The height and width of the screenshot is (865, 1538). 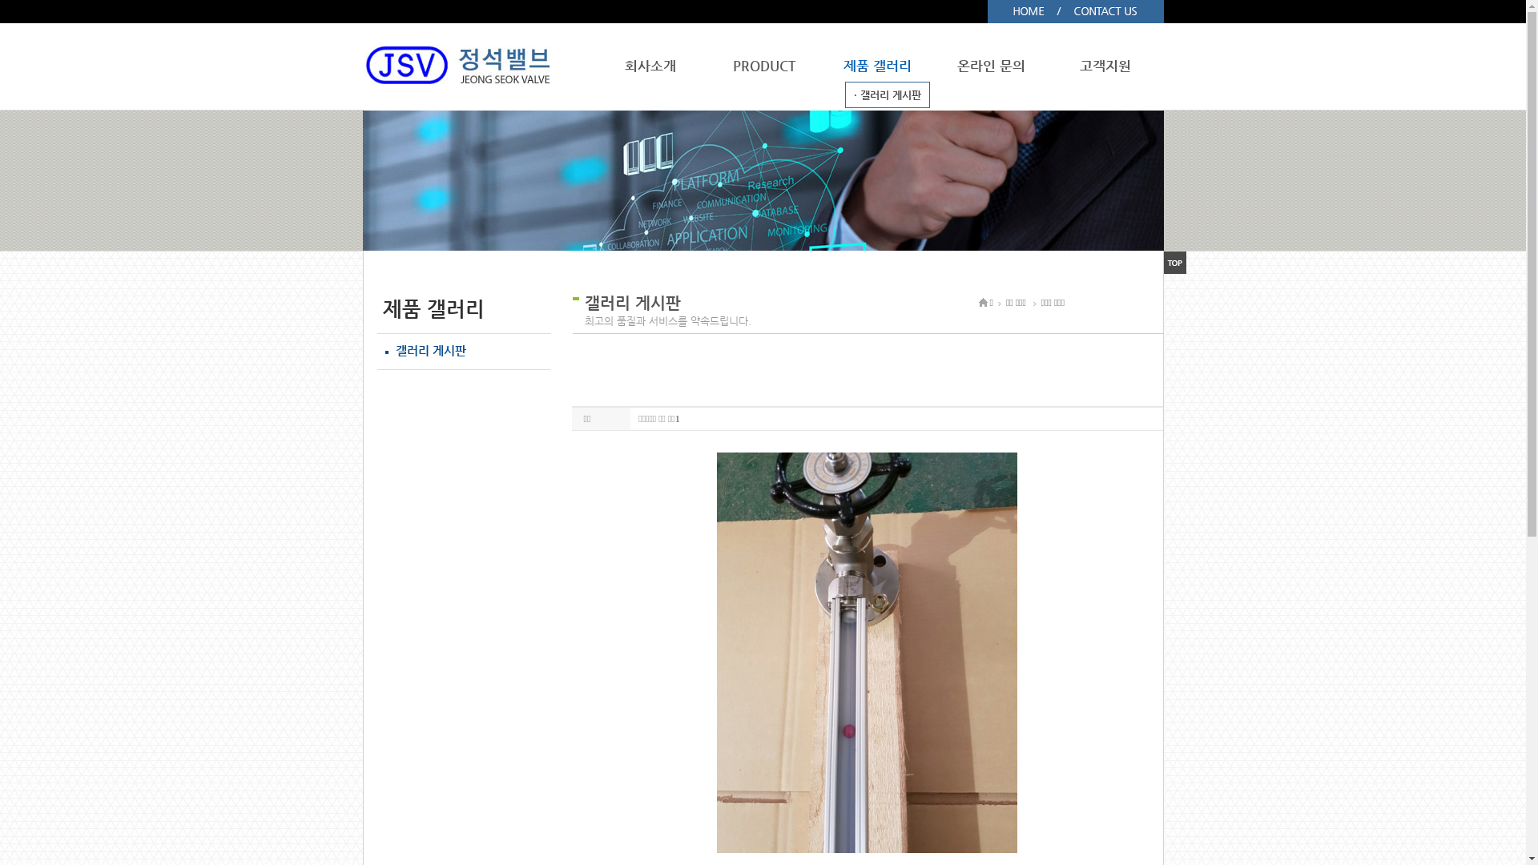 I want to click on 'PRODUCT', so click(x=763, y=65).